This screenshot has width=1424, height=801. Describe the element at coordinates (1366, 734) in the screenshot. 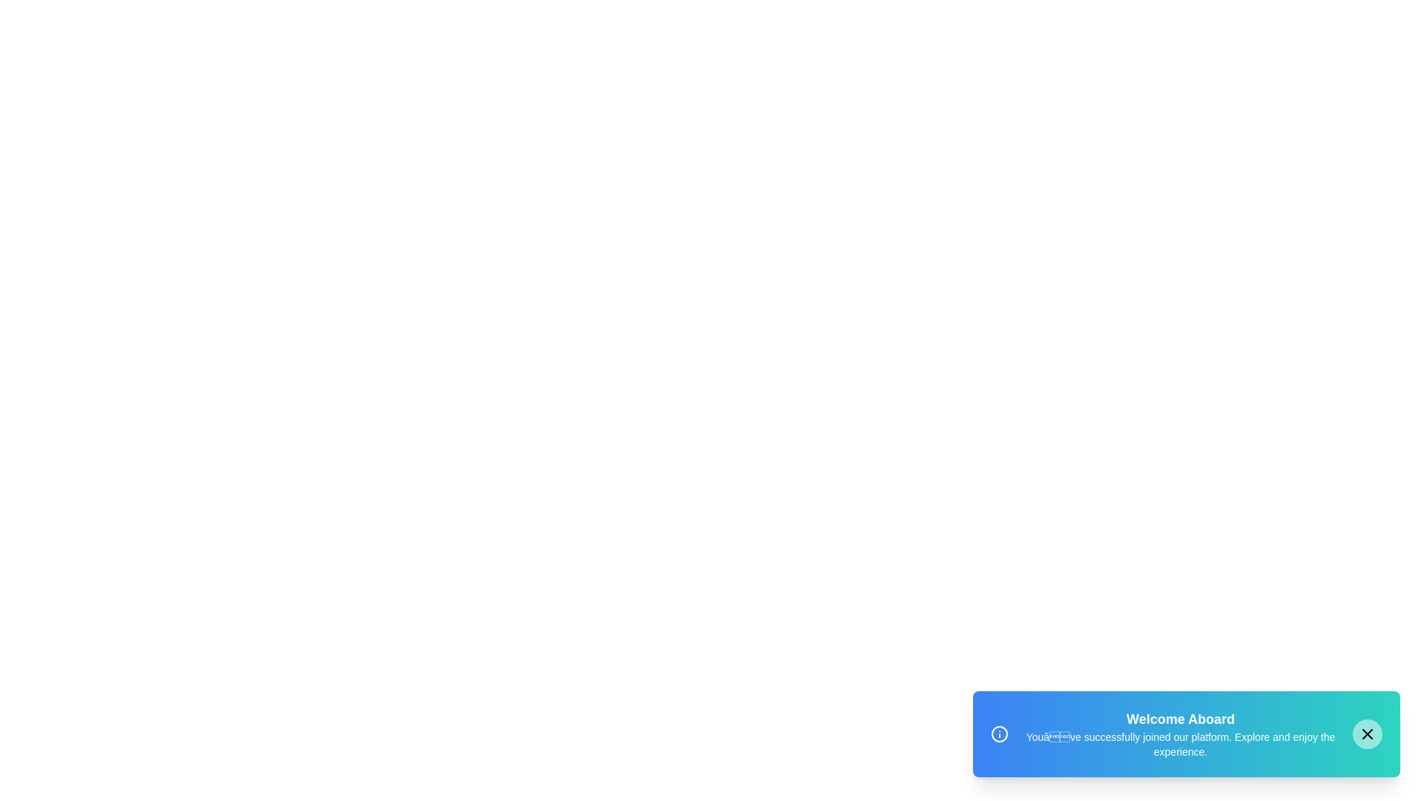

I see `the close button to dismiss the snackbar` at that location.